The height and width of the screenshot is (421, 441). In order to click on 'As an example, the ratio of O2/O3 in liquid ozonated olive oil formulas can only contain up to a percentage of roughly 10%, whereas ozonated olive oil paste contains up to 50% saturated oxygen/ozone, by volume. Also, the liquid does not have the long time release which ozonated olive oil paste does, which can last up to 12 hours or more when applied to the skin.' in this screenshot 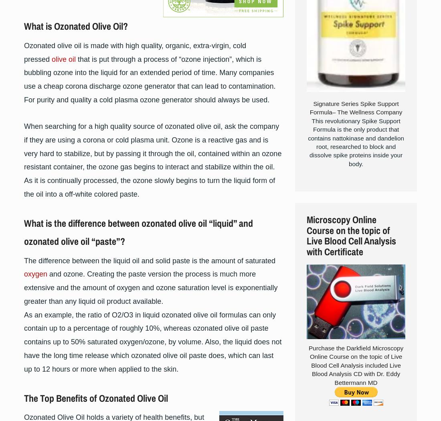, I will do `click(153, 342)`.